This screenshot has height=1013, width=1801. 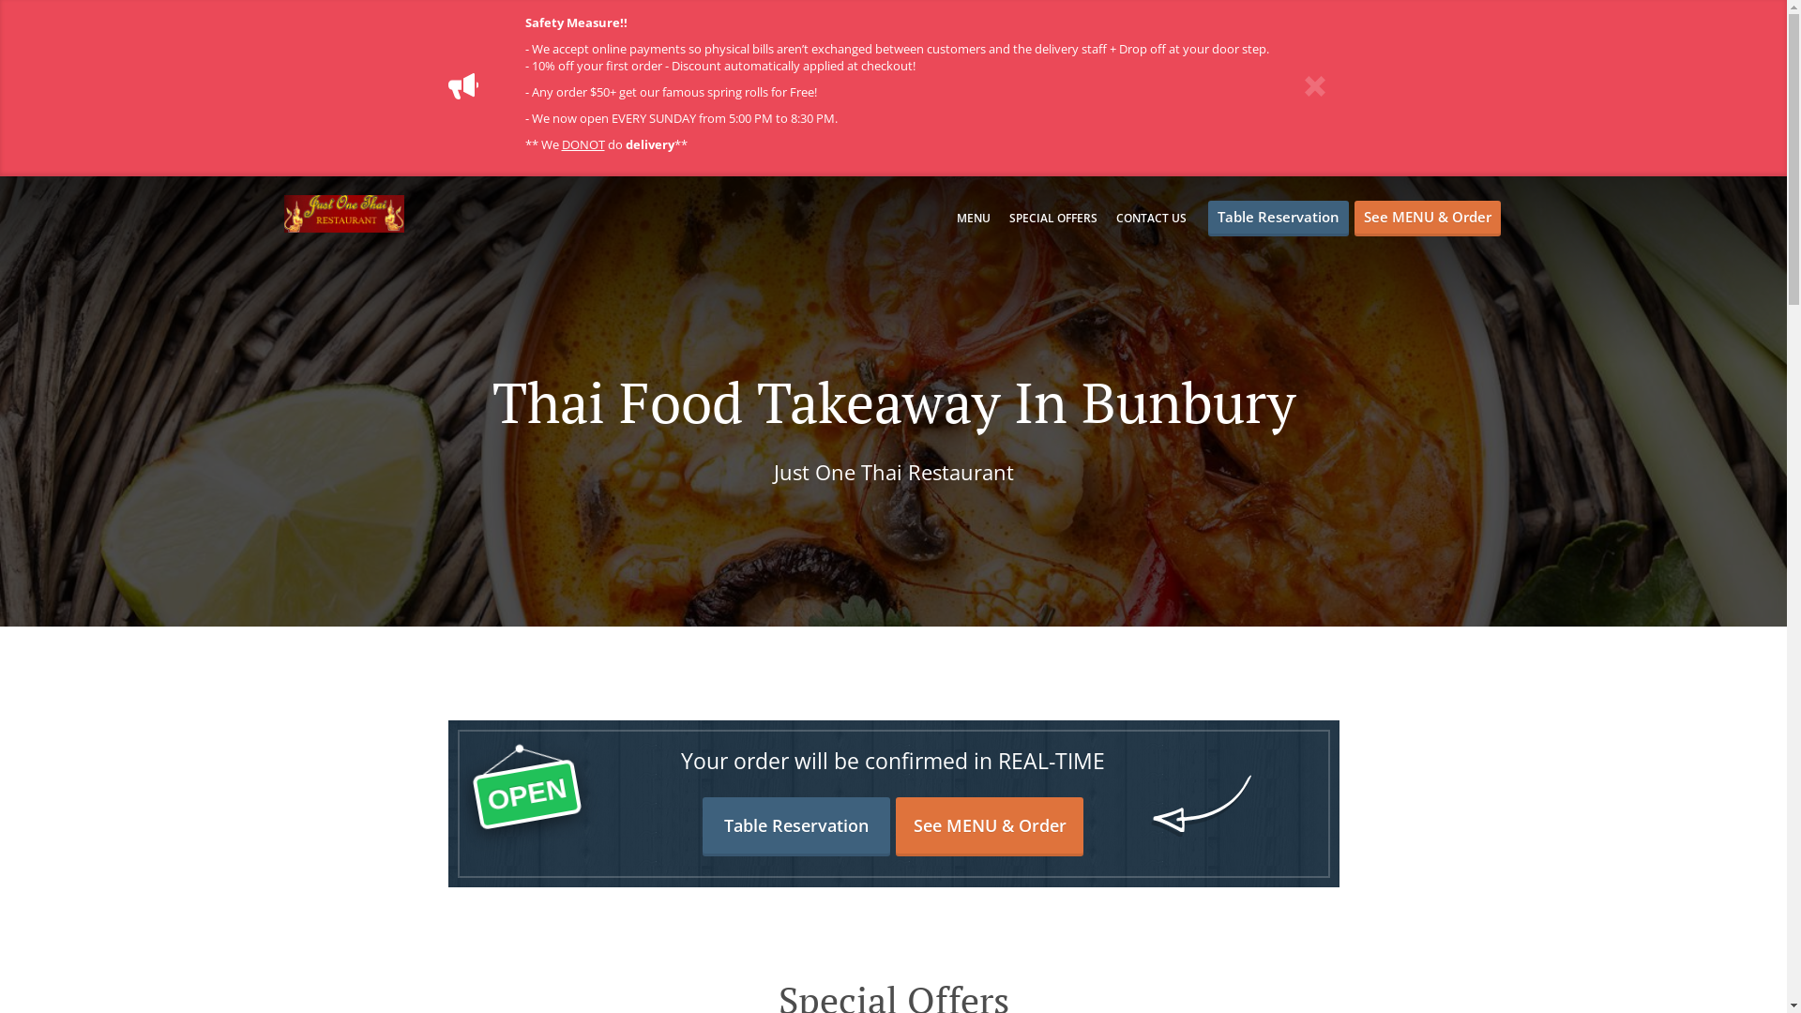 I want to click on 'MENU', so click(x=973, y=217).